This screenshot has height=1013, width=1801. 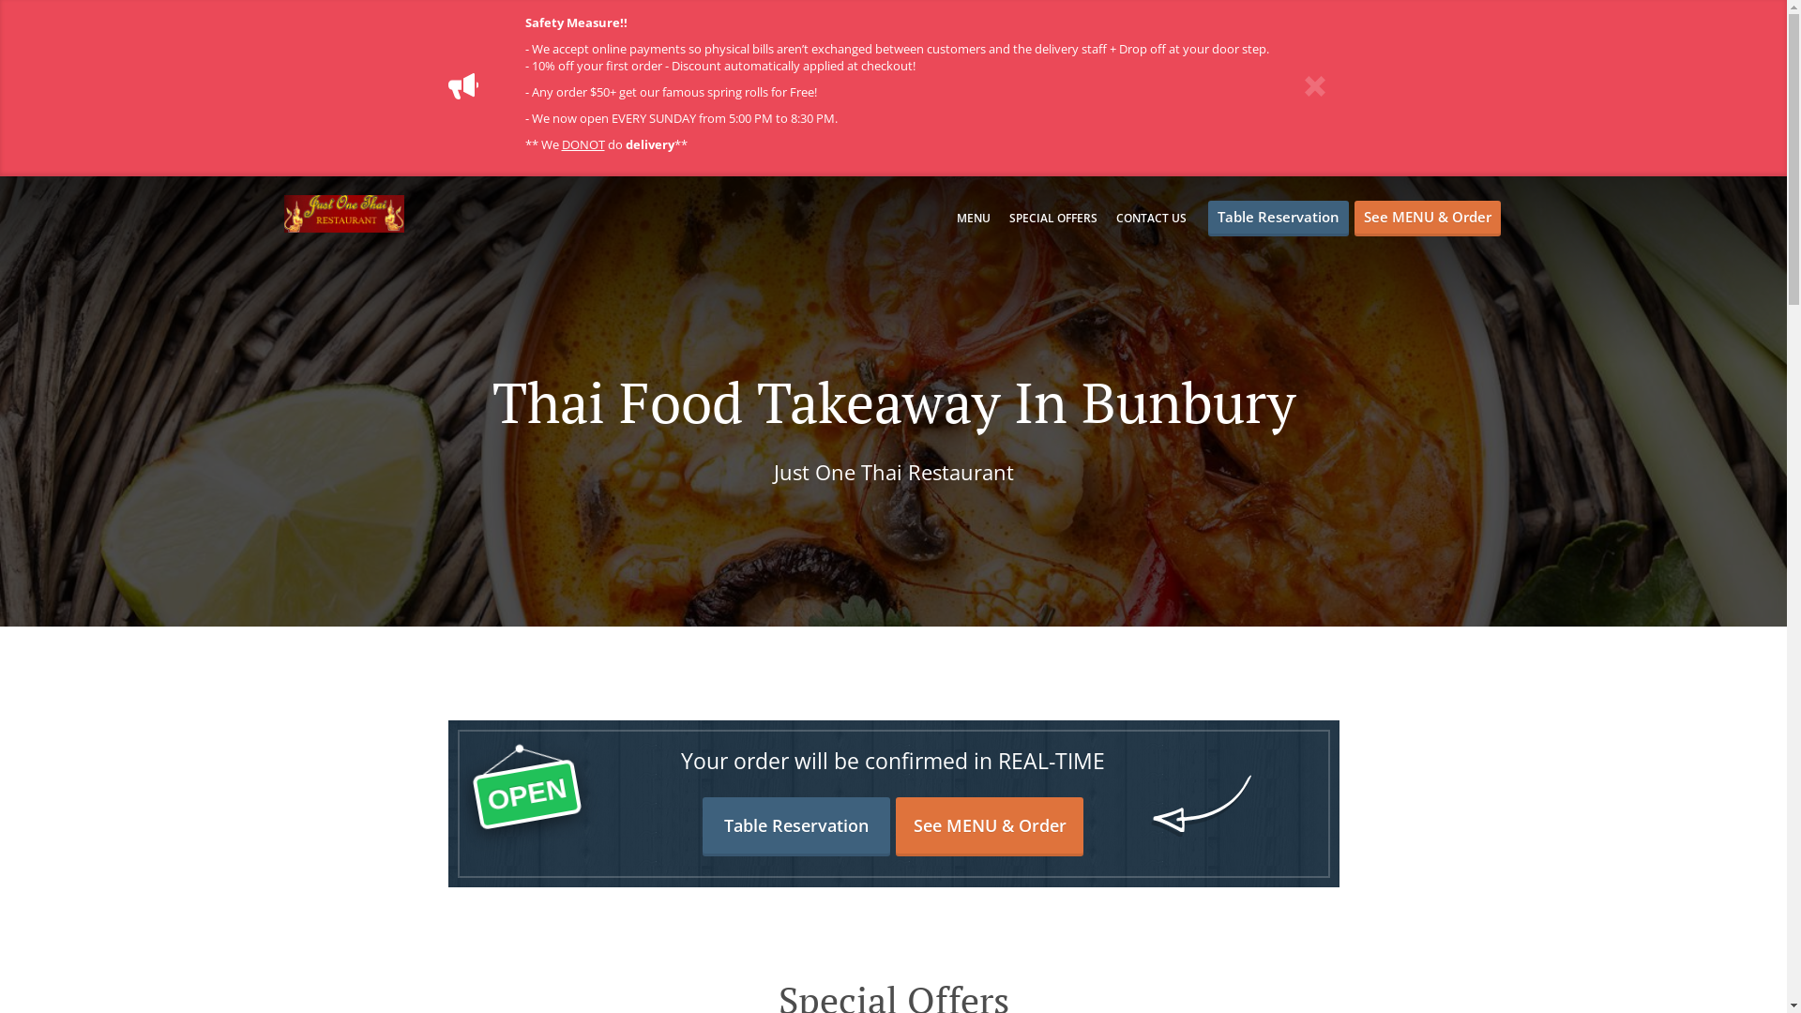 I want to click on 'MENU', so click(x=973, y=217).